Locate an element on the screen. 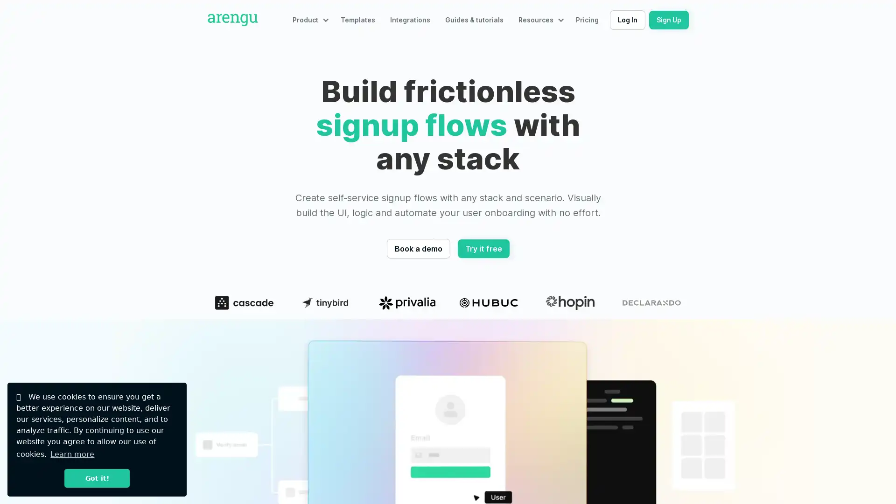 The image size is (896, 504). dismiss cookie message is located at coordinates (97, 478).